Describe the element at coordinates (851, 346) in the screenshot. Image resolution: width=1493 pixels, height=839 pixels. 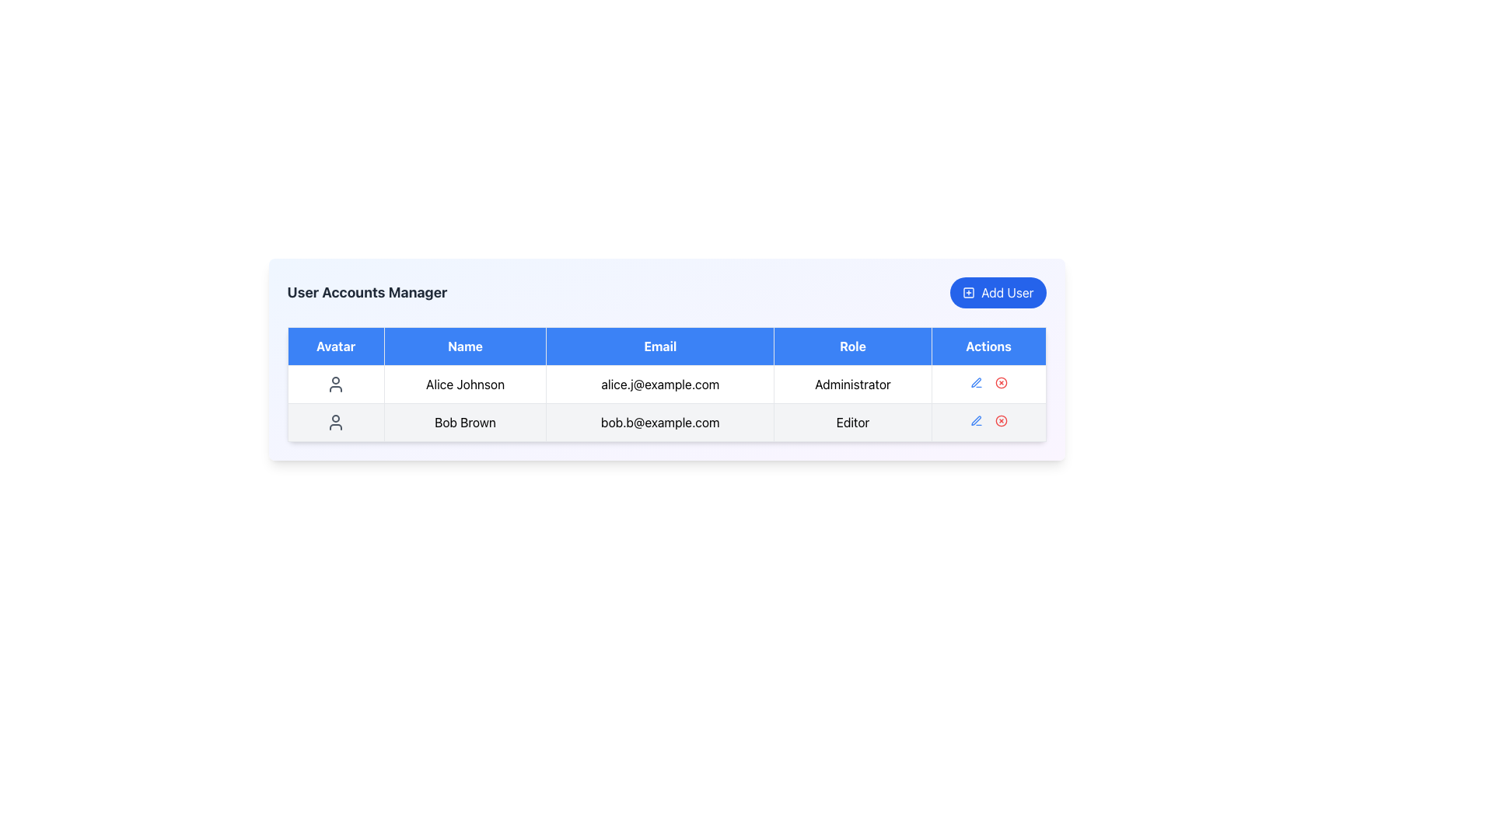
I see `text from the 'Role' column header, which is a rectangular box with white text on a blue background, positioned as the fourth column header in the table` at that location.